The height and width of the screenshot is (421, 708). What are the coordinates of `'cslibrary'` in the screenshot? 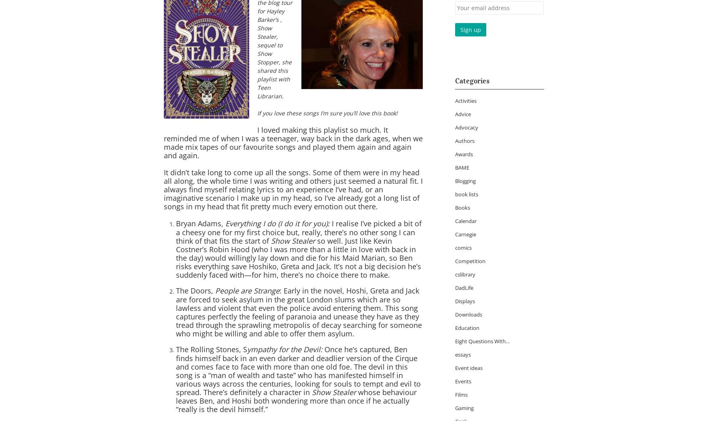 It's located at (455, 274).